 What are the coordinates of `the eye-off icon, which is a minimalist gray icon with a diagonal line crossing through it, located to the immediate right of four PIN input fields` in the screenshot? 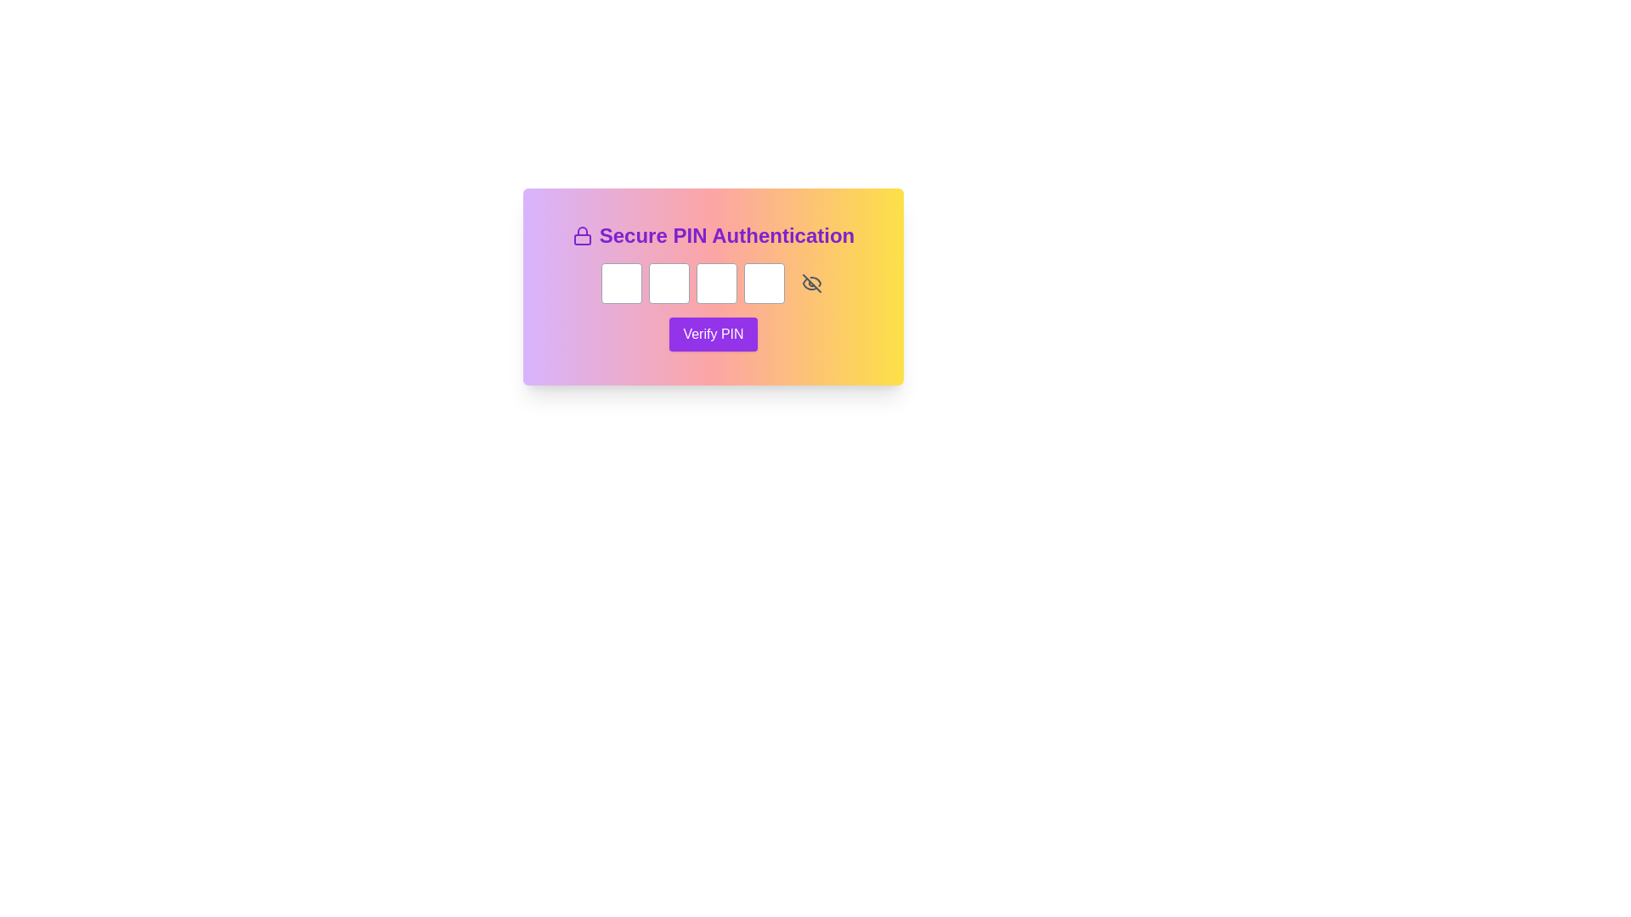 It's located at (810, 283).